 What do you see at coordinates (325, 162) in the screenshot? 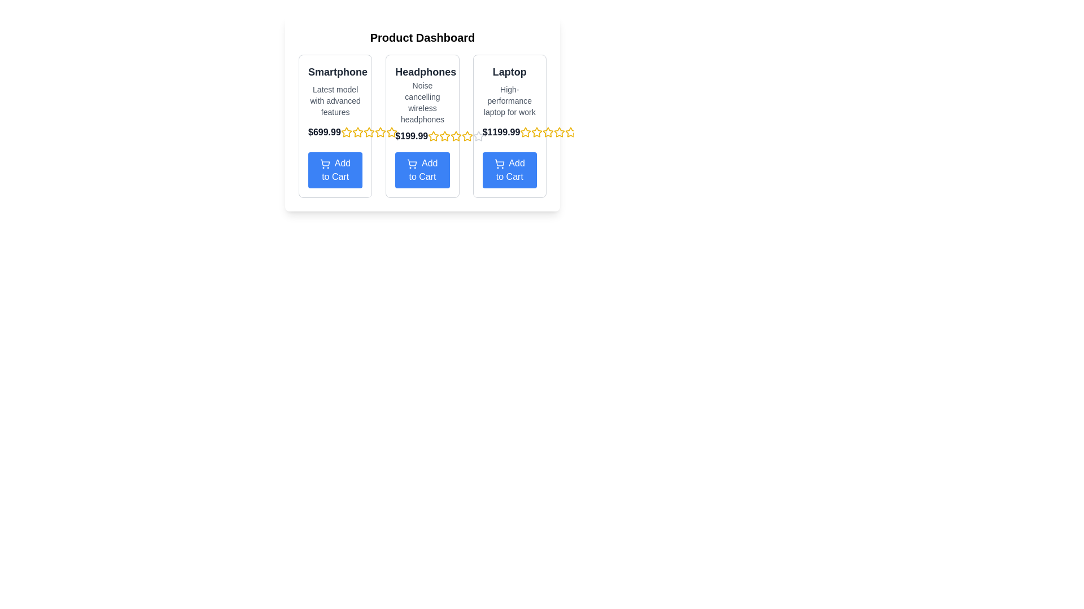
I see `the outlined shopping cart icon within the blue 'Add to Cart' button located directly under the 'Smartphone' product card` at bounding box center [325, 162].